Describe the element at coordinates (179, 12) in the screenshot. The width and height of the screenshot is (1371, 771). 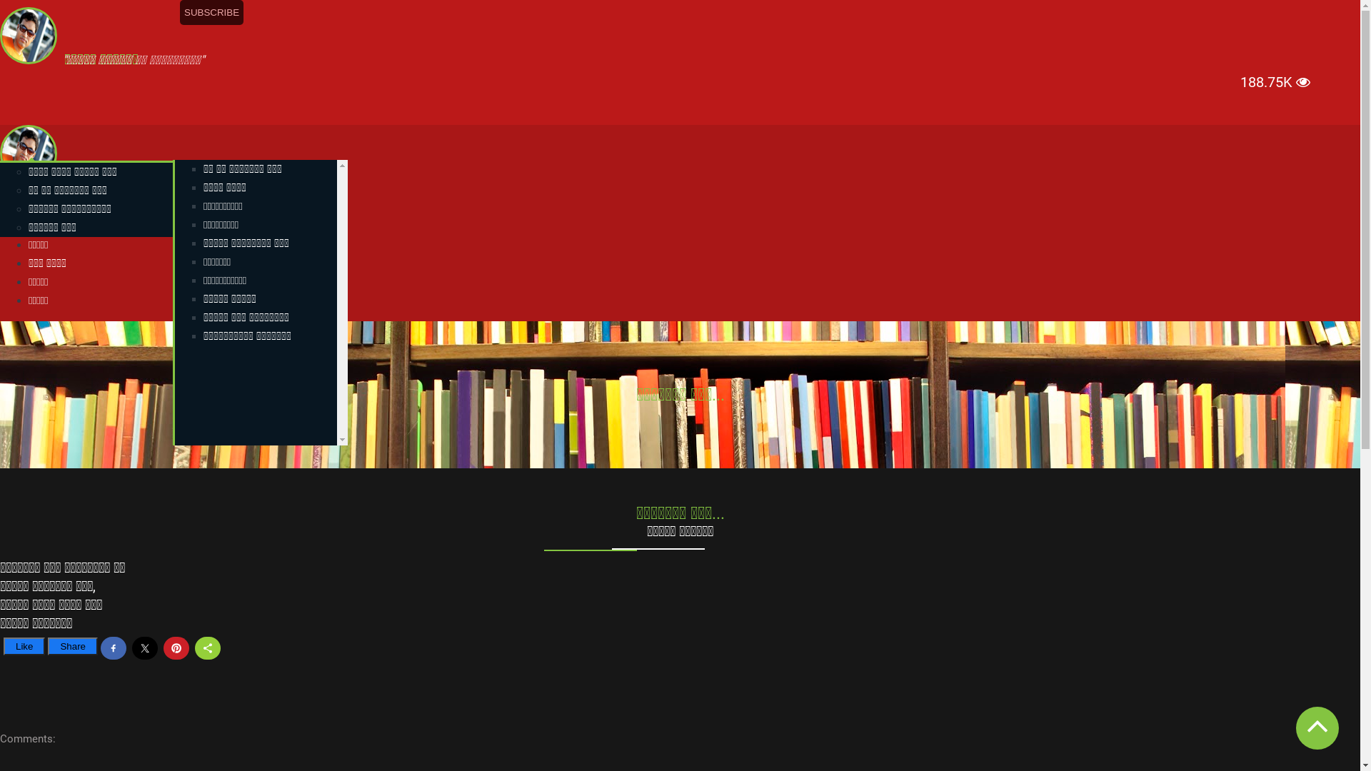
I see `'SUBSCRIBE'` at that location.